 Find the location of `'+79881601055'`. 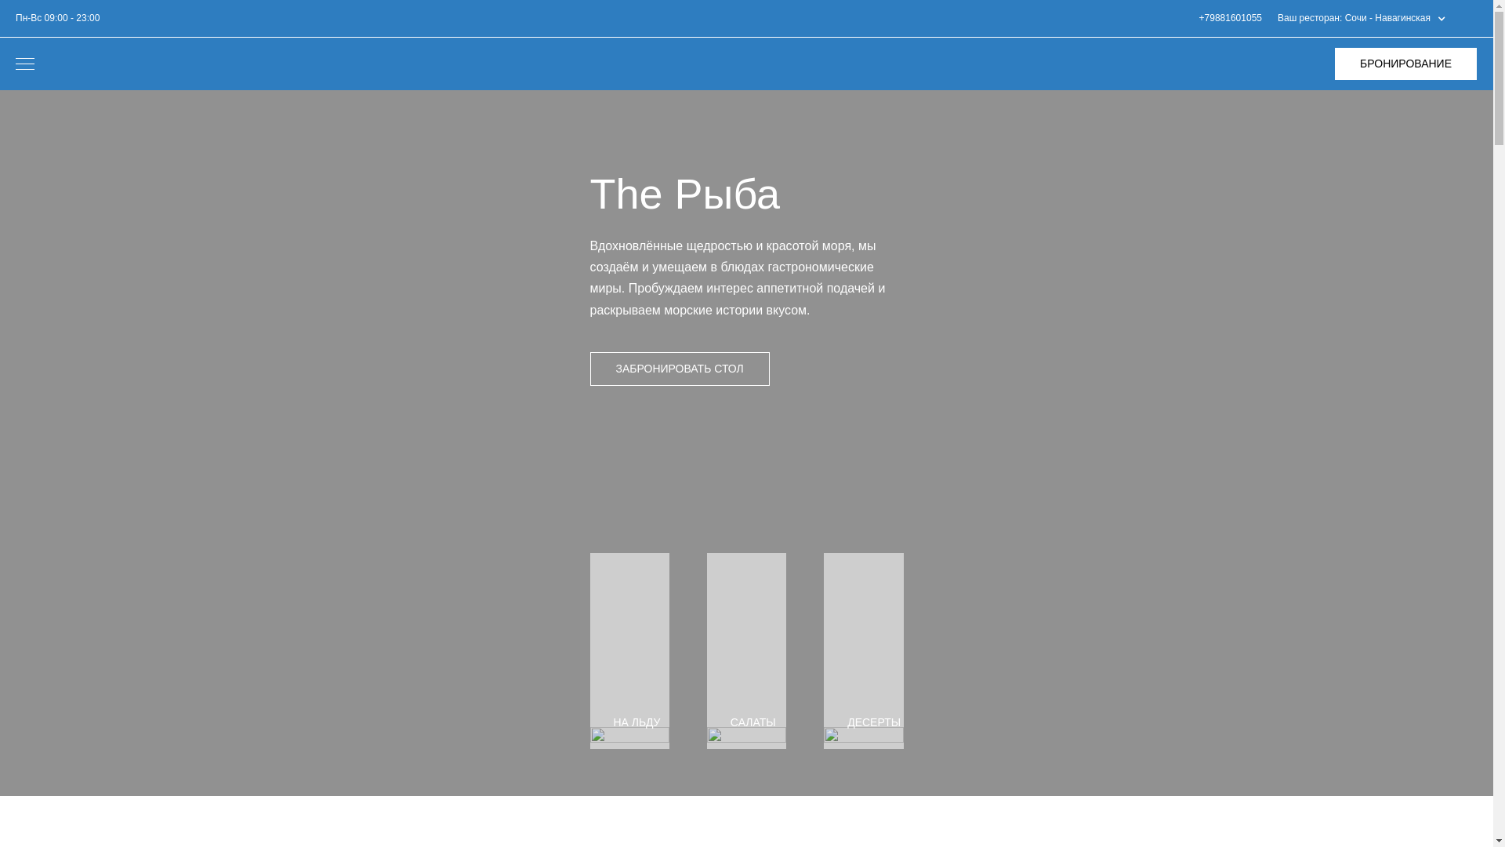

'+79881601055' is located at coordinates (1229, 18).